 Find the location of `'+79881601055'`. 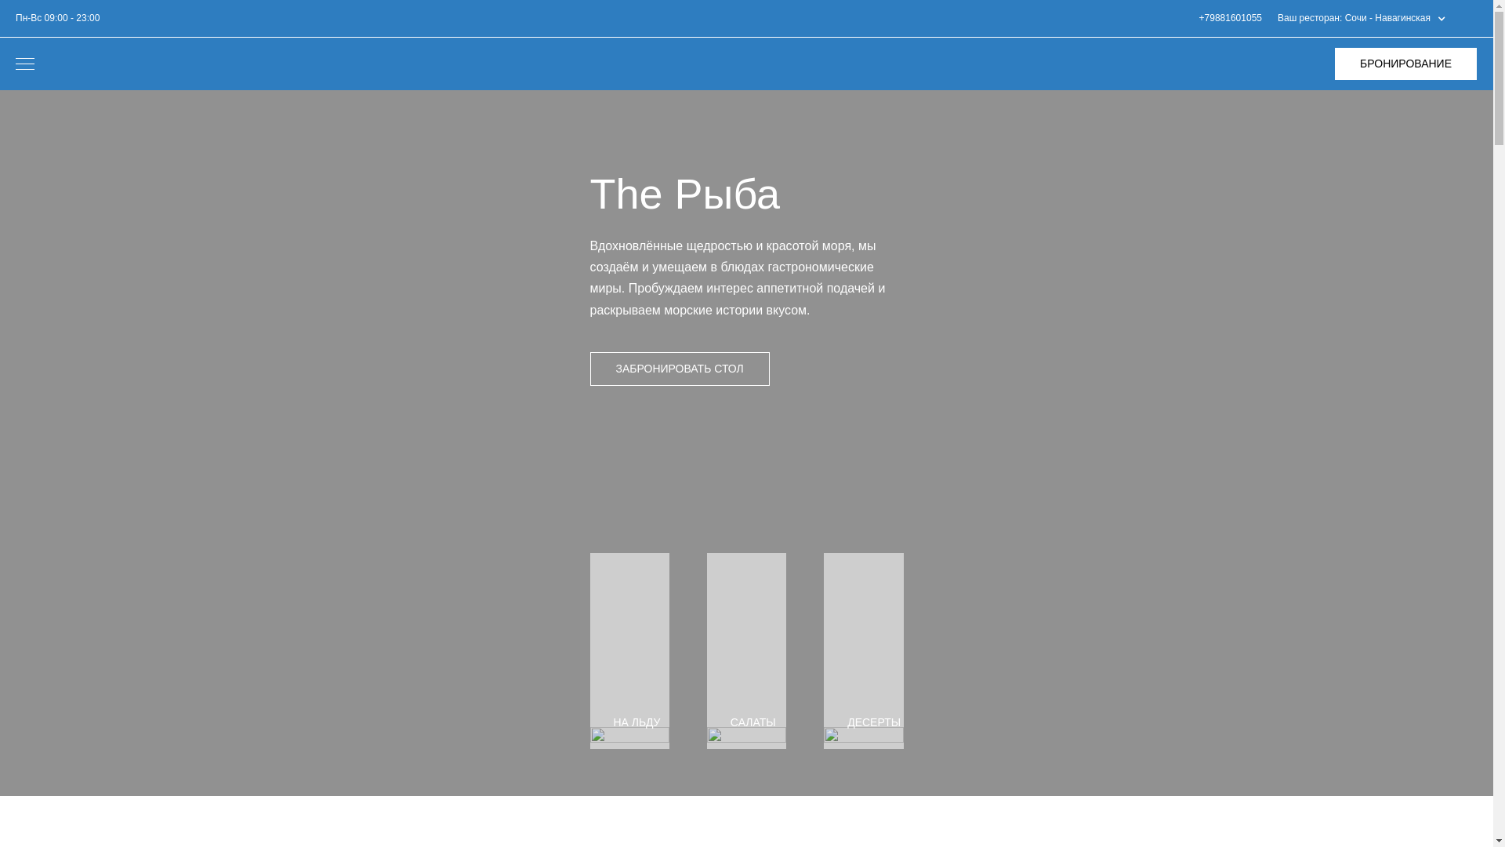

'+79881601055' is located at coordinates (1229, 18).